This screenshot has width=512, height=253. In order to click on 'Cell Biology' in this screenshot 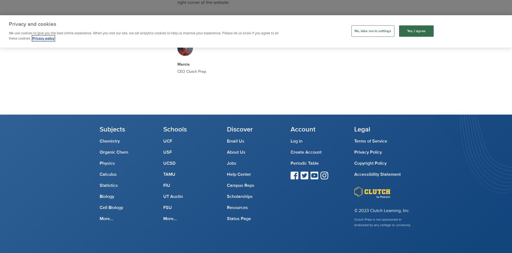, I will do `click(99, 208)`.